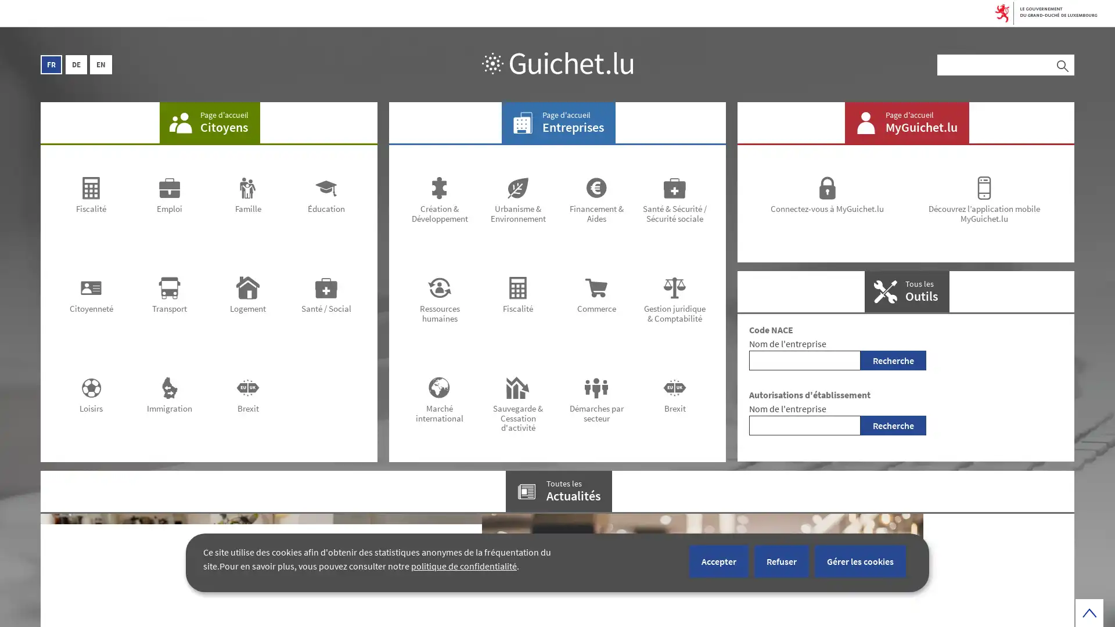 The height and width of the screenshot is (627, 1115). Describe the element at coordinates (781, 561) in the screenshot. I see `Refuser` at that location.